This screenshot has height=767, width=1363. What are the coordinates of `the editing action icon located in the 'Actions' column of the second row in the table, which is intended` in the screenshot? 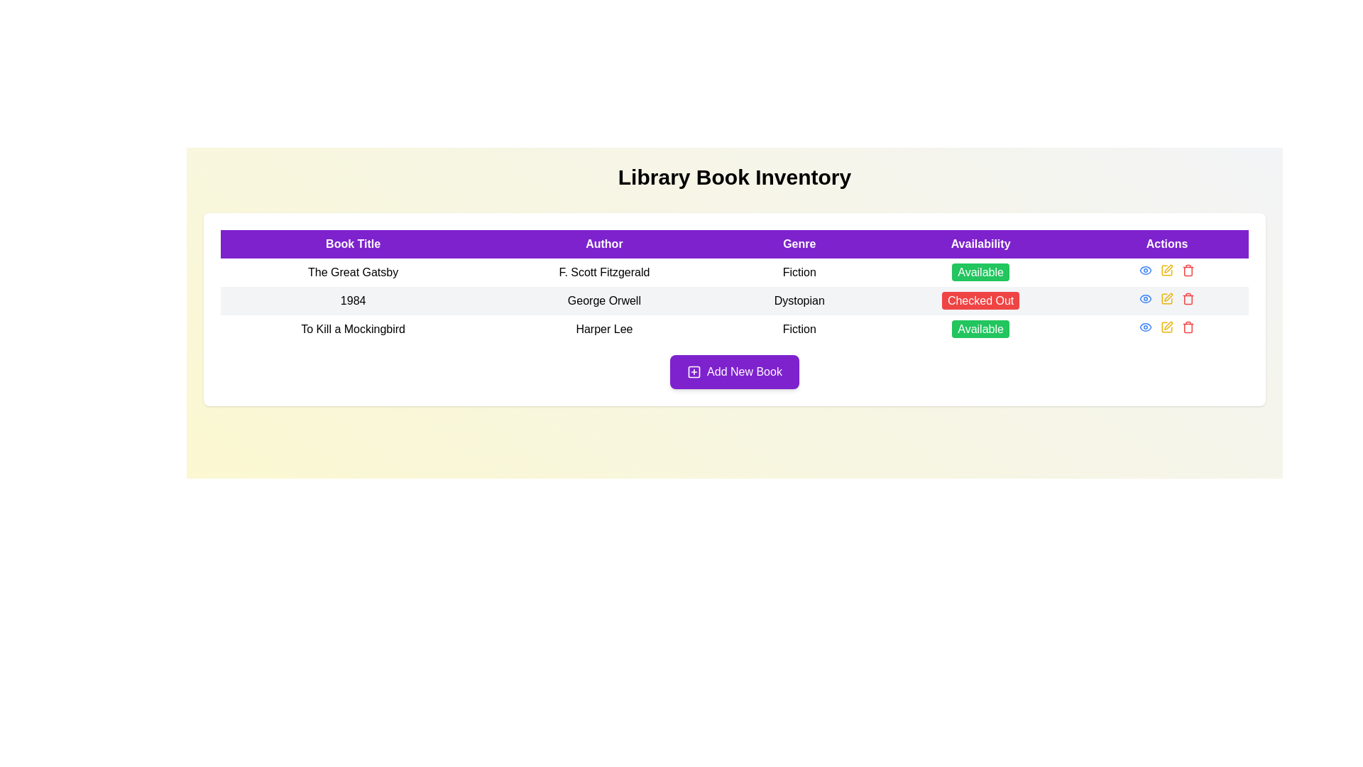 It's located at (1166, 298).